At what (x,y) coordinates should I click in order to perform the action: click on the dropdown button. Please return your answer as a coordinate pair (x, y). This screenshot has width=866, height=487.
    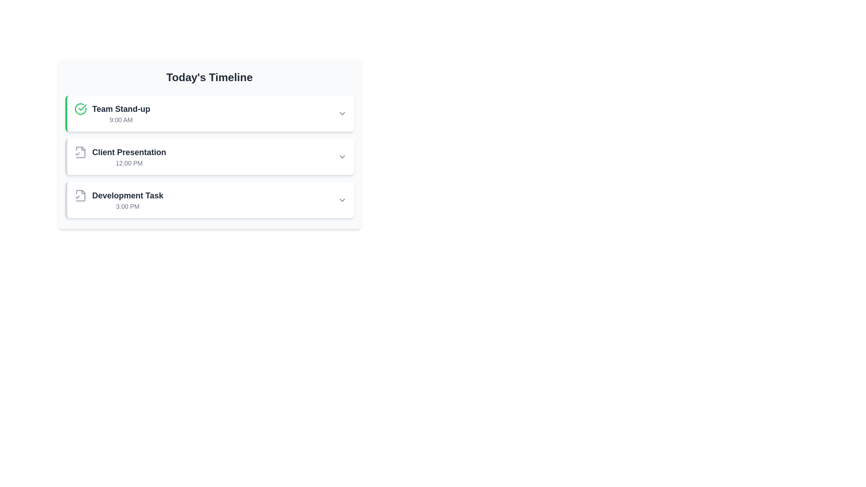
    Looking at the image, I should click on (341, 113).